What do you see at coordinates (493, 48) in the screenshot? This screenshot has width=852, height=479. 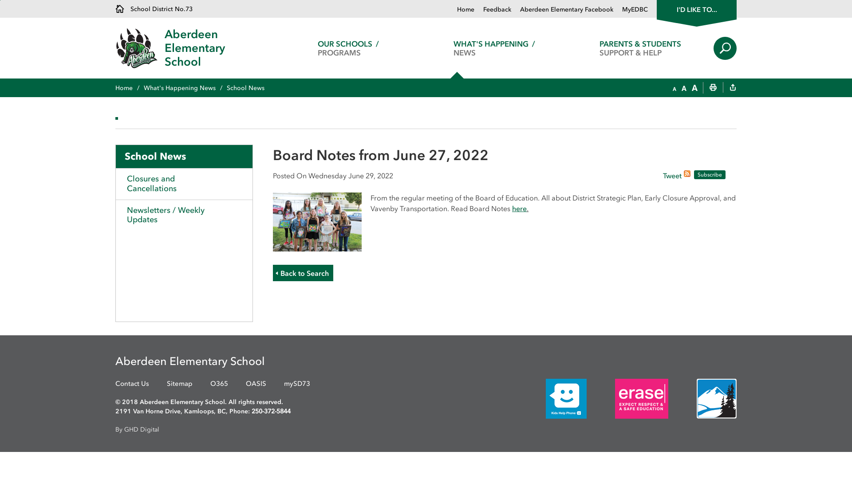 I see `'WHAT'S HAPPENING` at bounding box center [493, 48].